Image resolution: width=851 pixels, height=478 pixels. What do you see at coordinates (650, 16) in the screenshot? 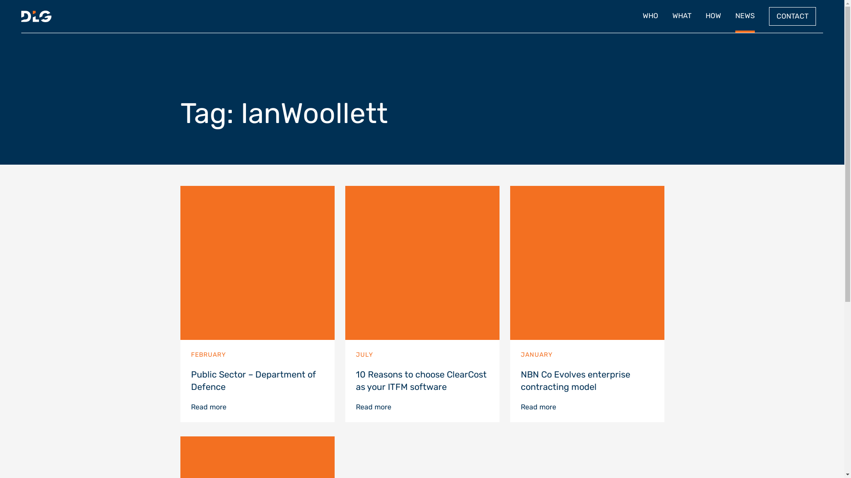
I see `'WHO'` at bounding box center [650, 16].